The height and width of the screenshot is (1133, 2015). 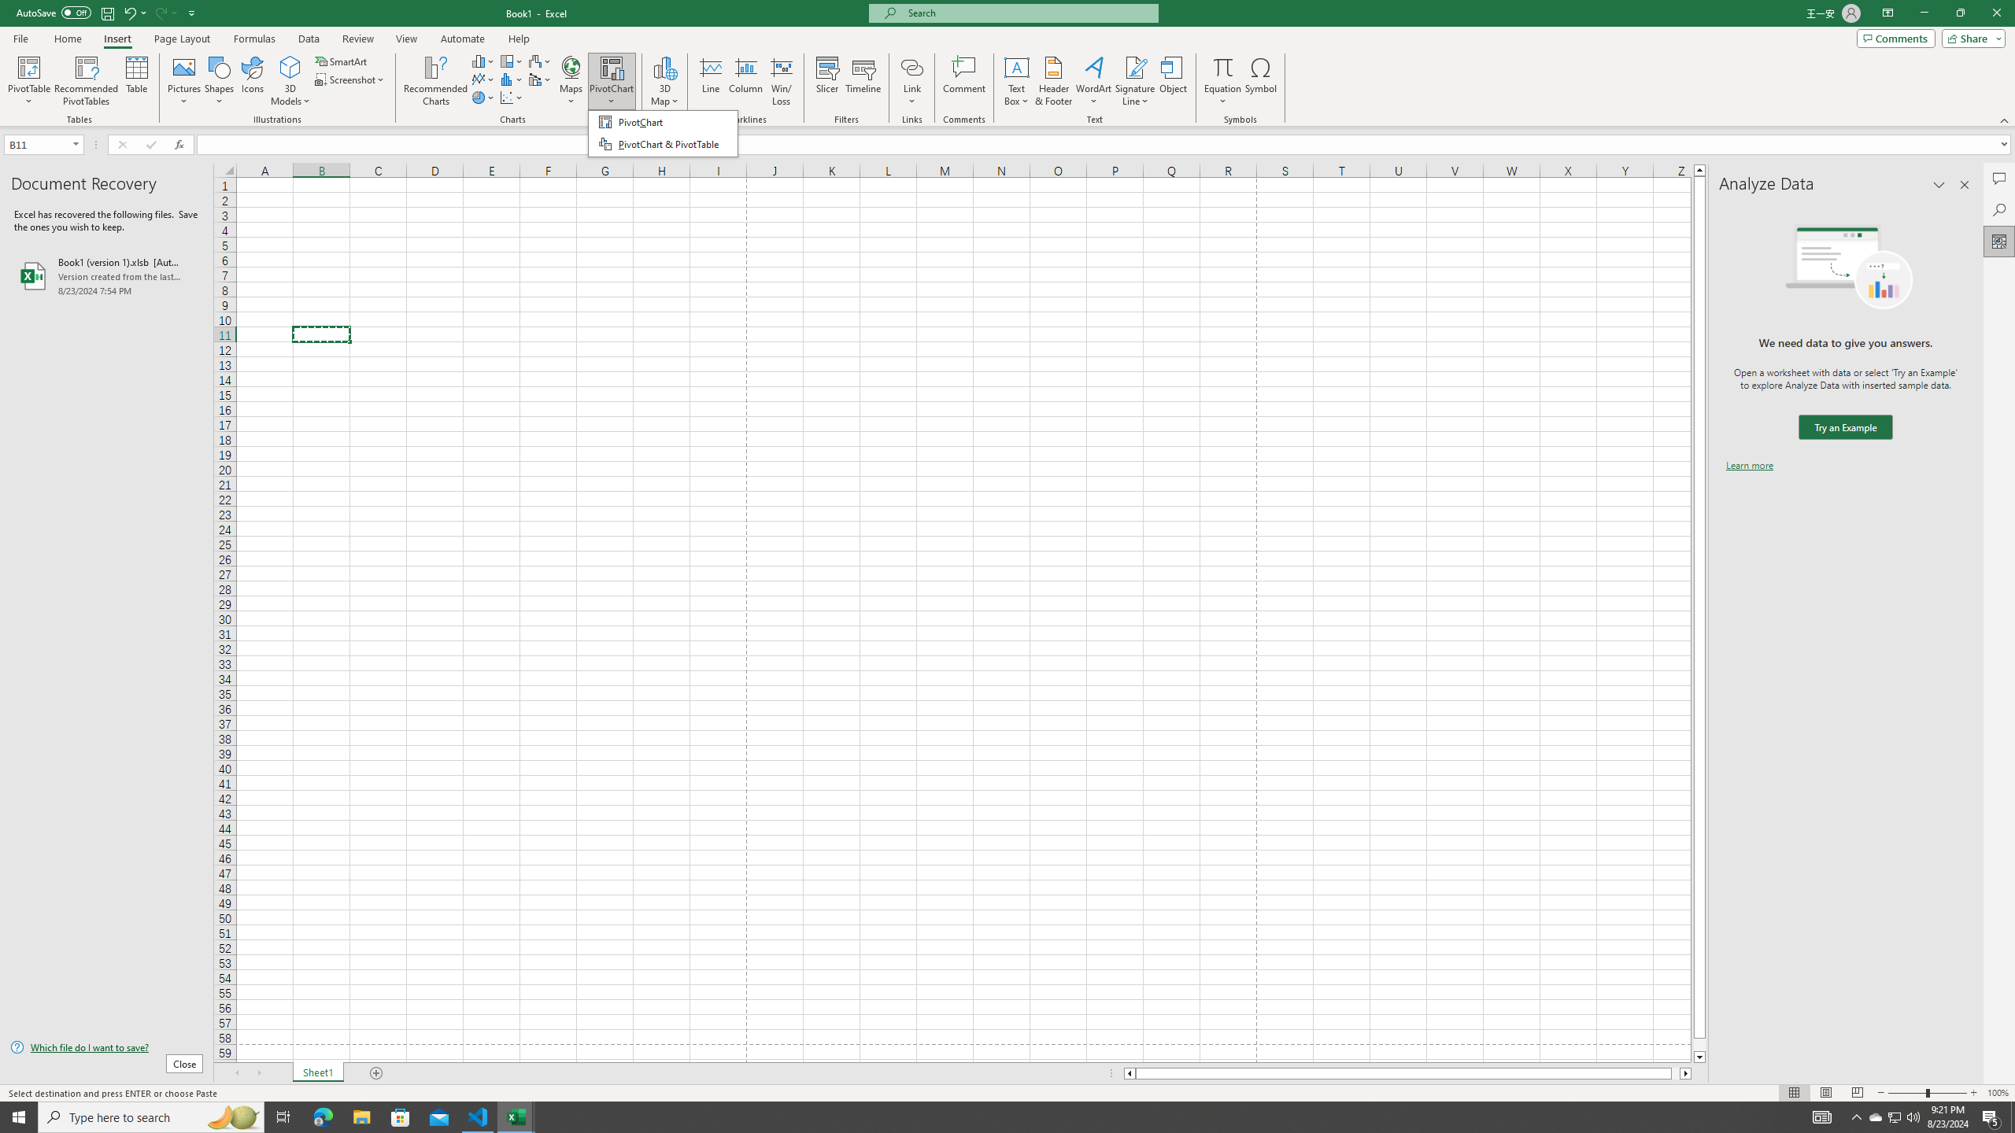 What do you see at coordinates (781, 81) in the screenshot?
I see `'Win/Loss'` at bounding box center [781, 81].